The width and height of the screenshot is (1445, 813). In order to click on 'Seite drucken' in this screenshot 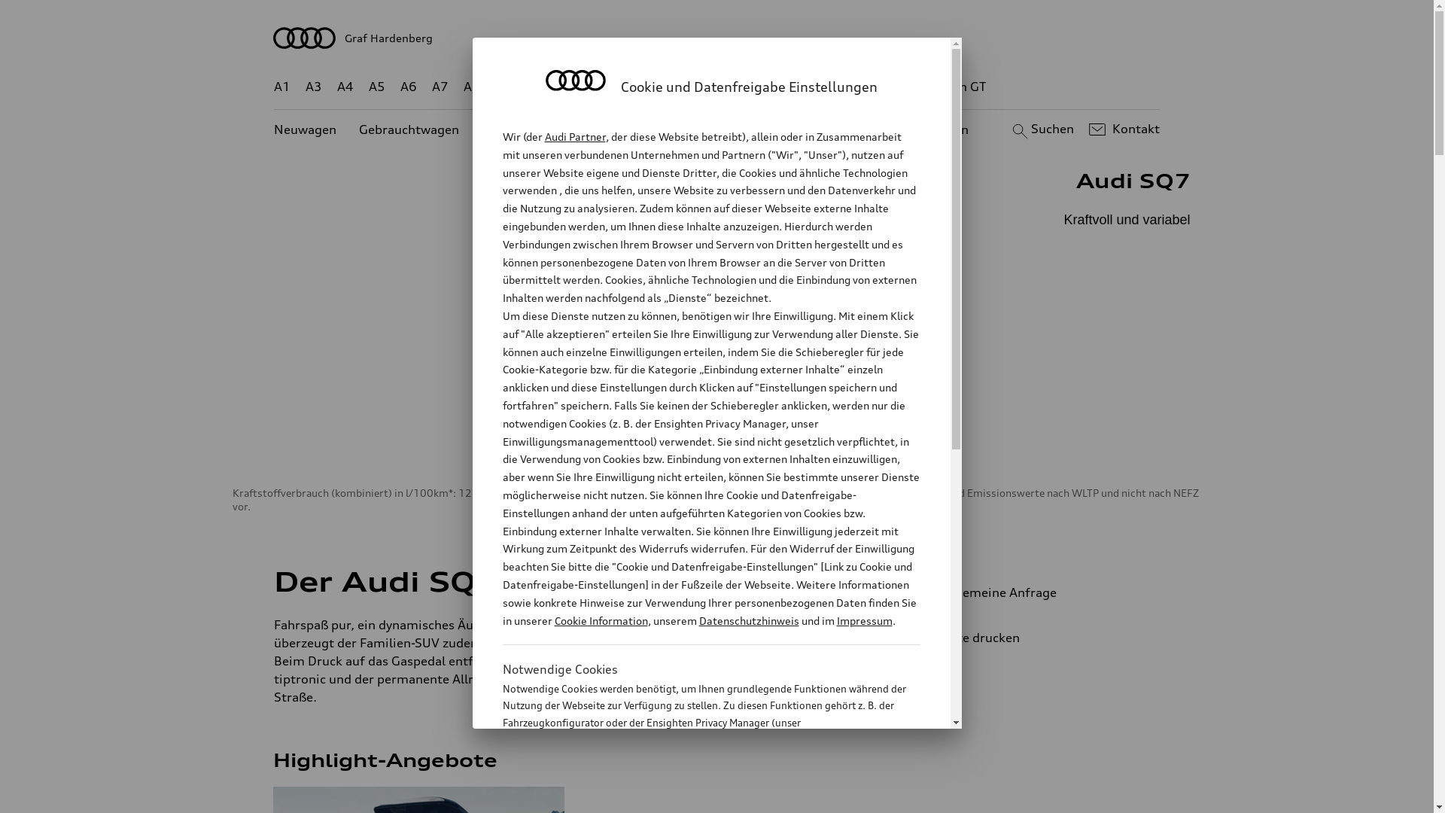, I will do `click(1036, 638)`.